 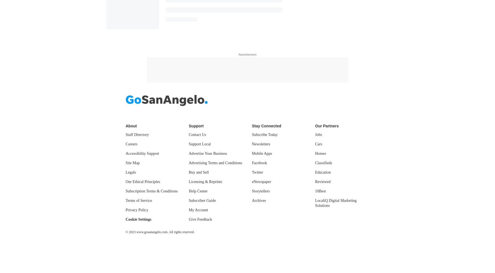 What do you see at coordinates (132, 163) in the screenshot?
I see `'Site Map'` at bounding box center [132, 163].